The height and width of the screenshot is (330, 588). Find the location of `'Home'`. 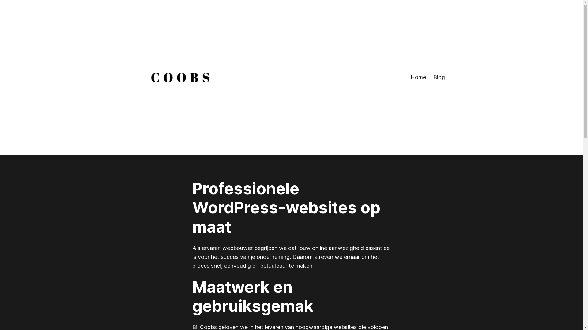

'Home' is located at coordinates (410, 77).